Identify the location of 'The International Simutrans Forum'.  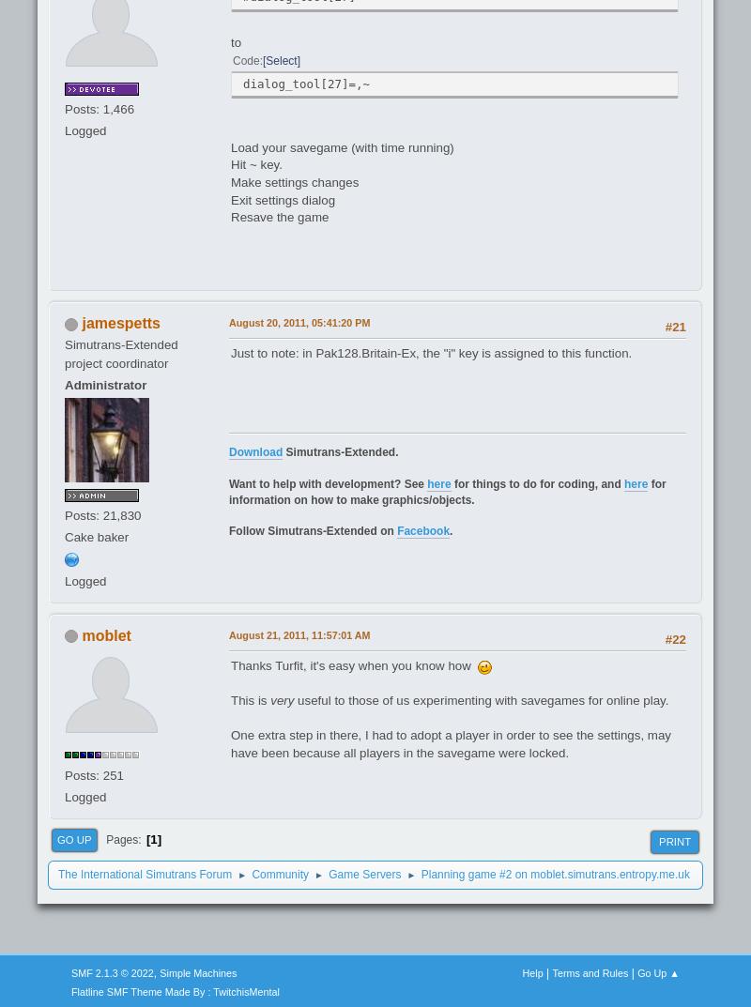
(145, 875).